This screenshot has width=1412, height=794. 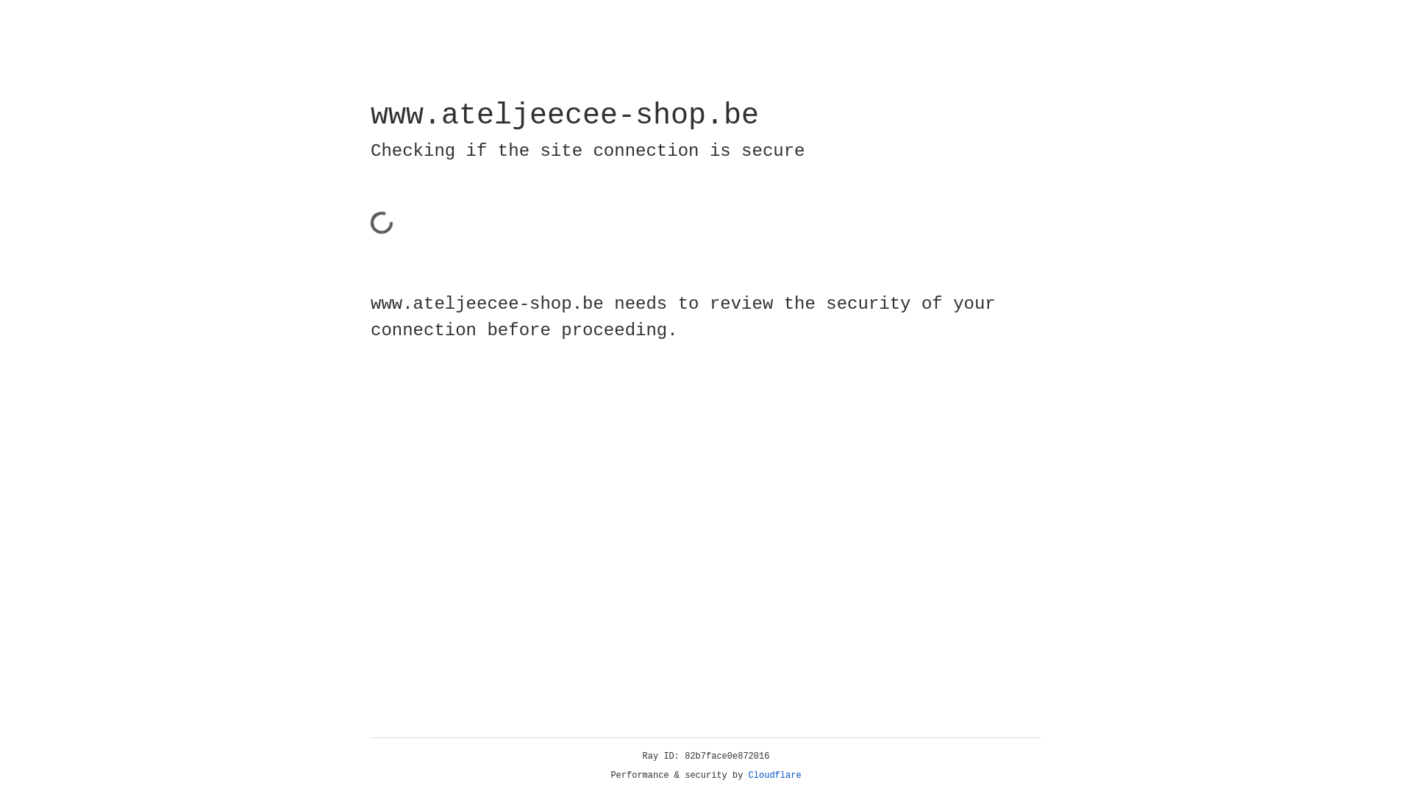 What do you see at coordinates (748, 775) in the screenshot?
I see `'Cloudflare'` at bounding box center [748, 775].